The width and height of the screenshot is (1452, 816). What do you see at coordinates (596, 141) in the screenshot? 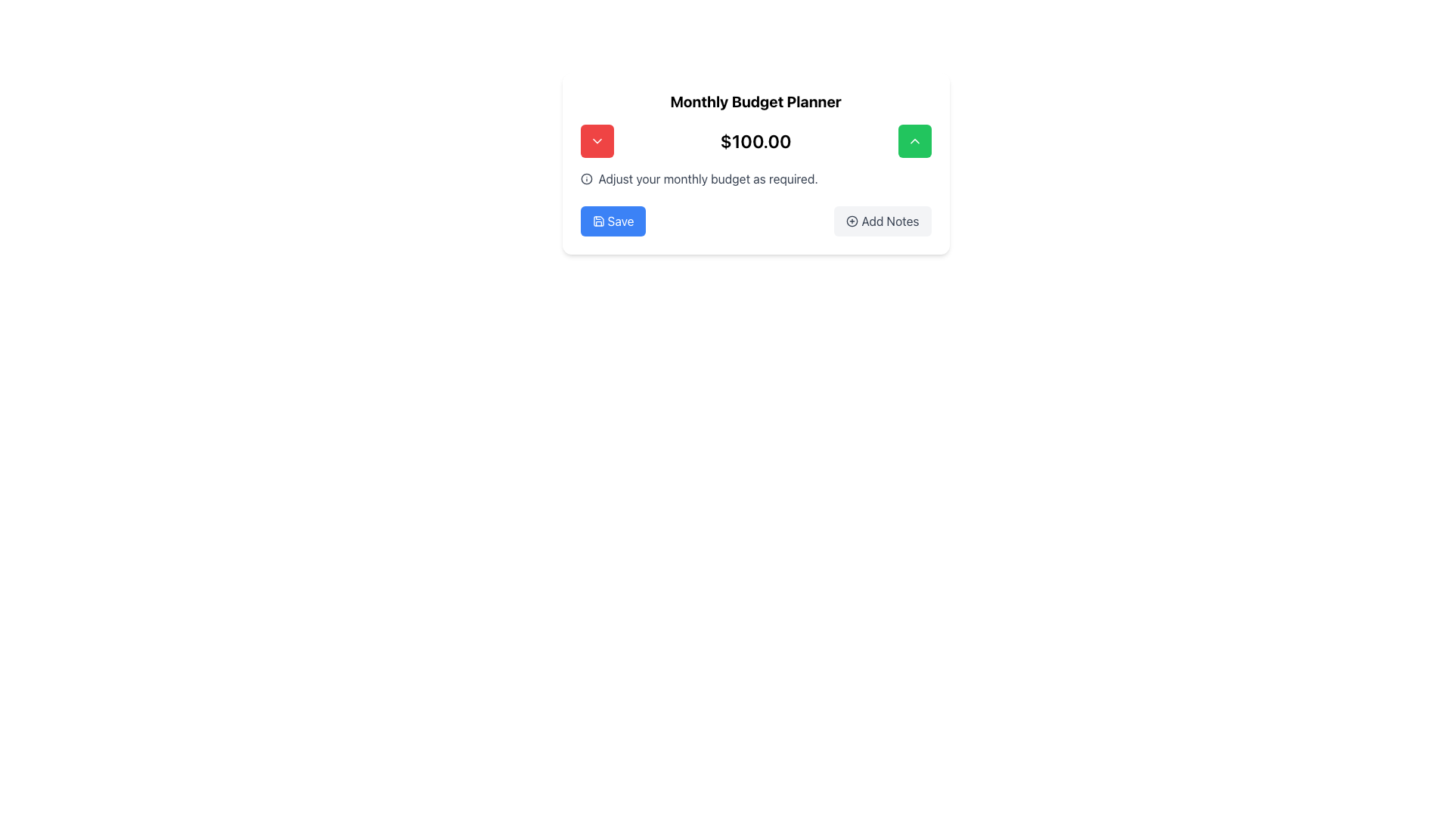
I see `the downward-pointing chevron icon within the left red button in the Monthly Budget Planner interface` at bounding box center [596, 141].